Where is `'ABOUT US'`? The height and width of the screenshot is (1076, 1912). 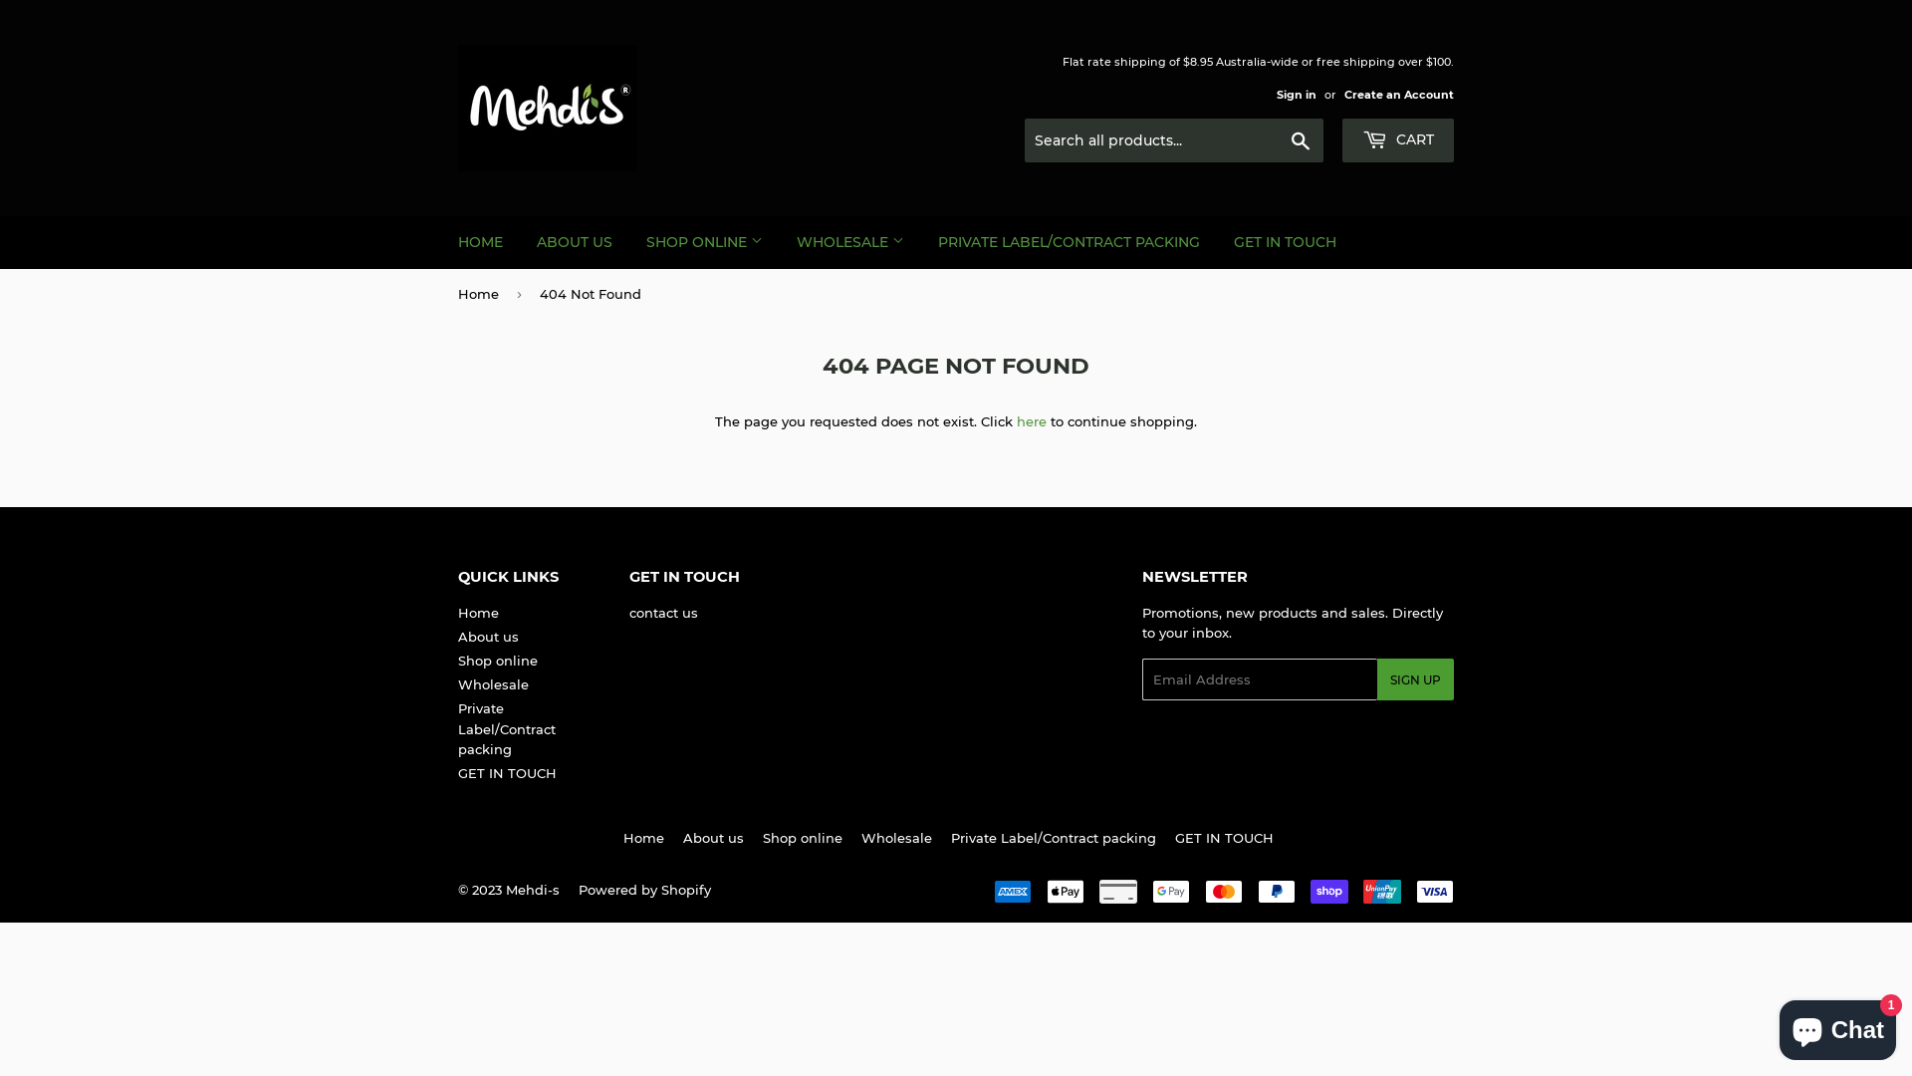 'ABOUT US' is located at coordinates (573, 241).